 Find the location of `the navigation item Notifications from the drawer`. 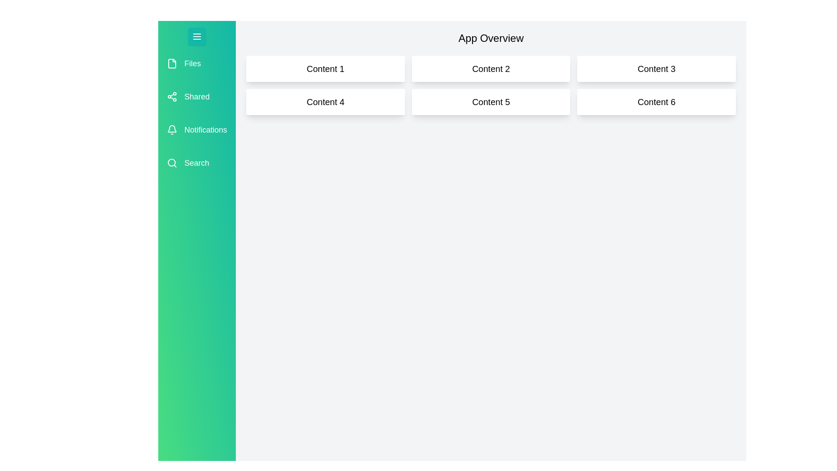

the navigation item Notifications from the drawer is located at coordinates (196, 130).